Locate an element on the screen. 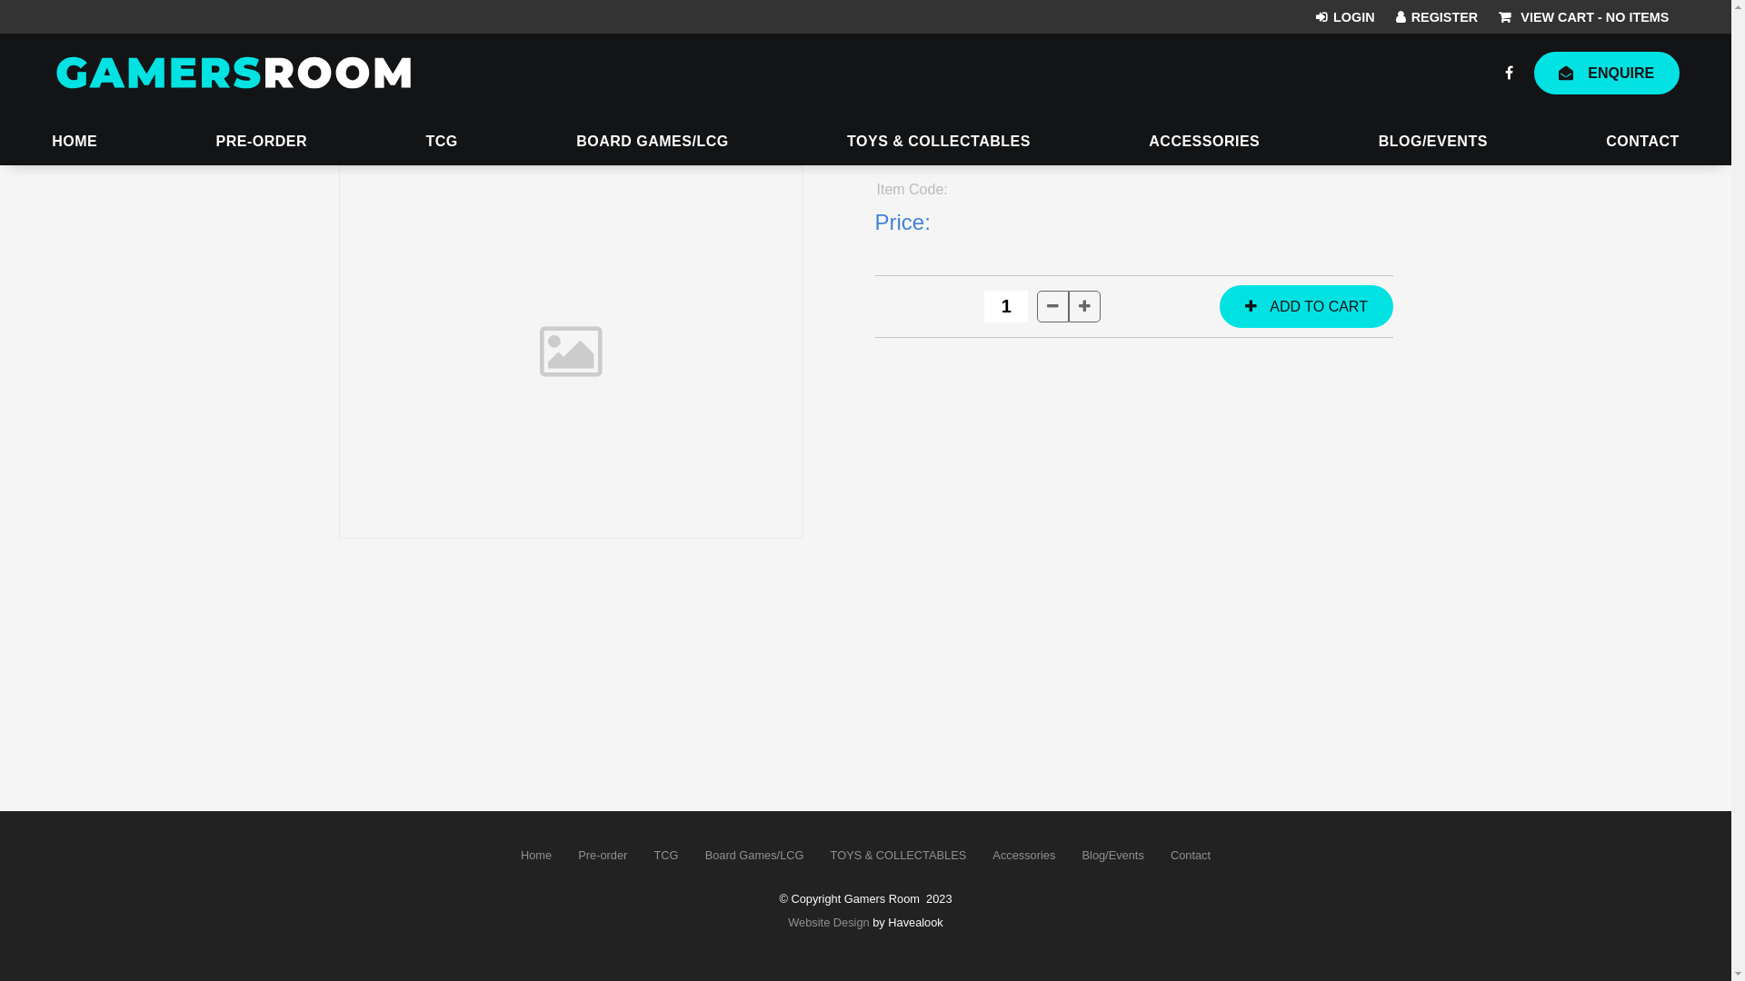 The height and width of the screenshot is (981, 1745). 'BLOG/EVENTS' is located at coordinates (1432, 142).